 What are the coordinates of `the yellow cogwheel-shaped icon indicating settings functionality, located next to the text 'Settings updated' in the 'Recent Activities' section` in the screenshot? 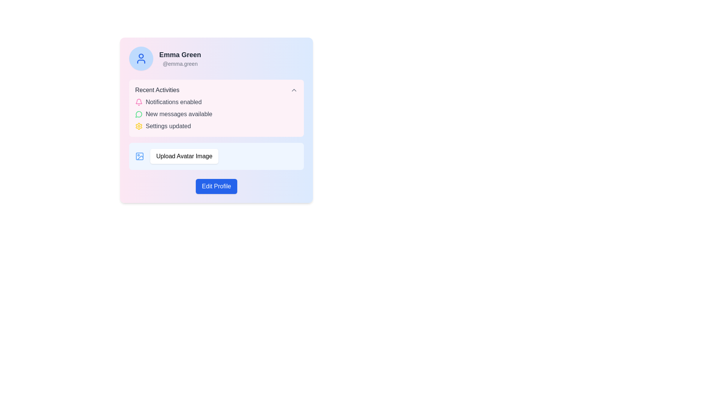 It's located at (139, 126).